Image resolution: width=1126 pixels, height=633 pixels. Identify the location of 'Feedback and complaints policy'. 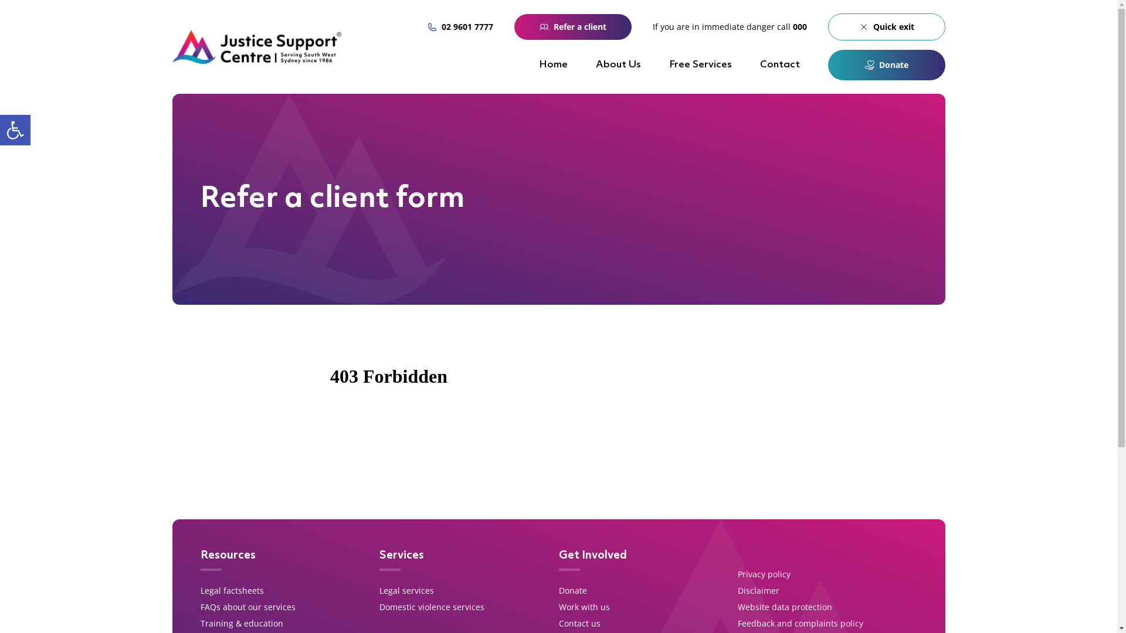
(799, 622).